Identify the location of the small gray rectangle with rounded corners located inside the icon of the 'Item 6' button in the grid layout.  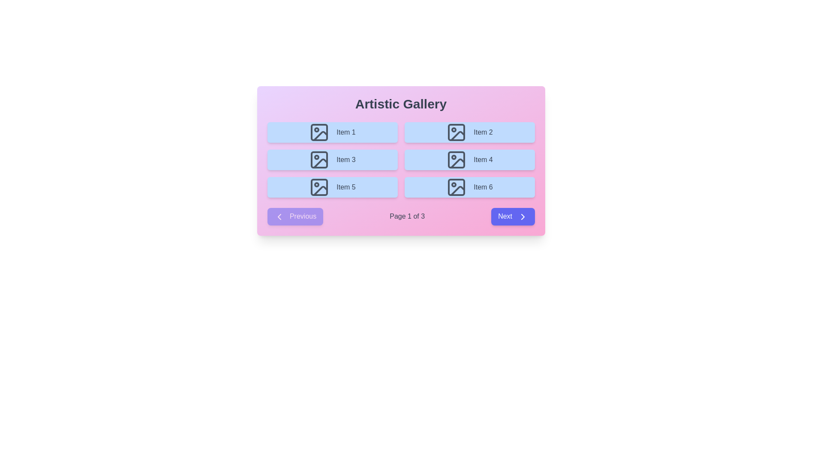
(456, 186).